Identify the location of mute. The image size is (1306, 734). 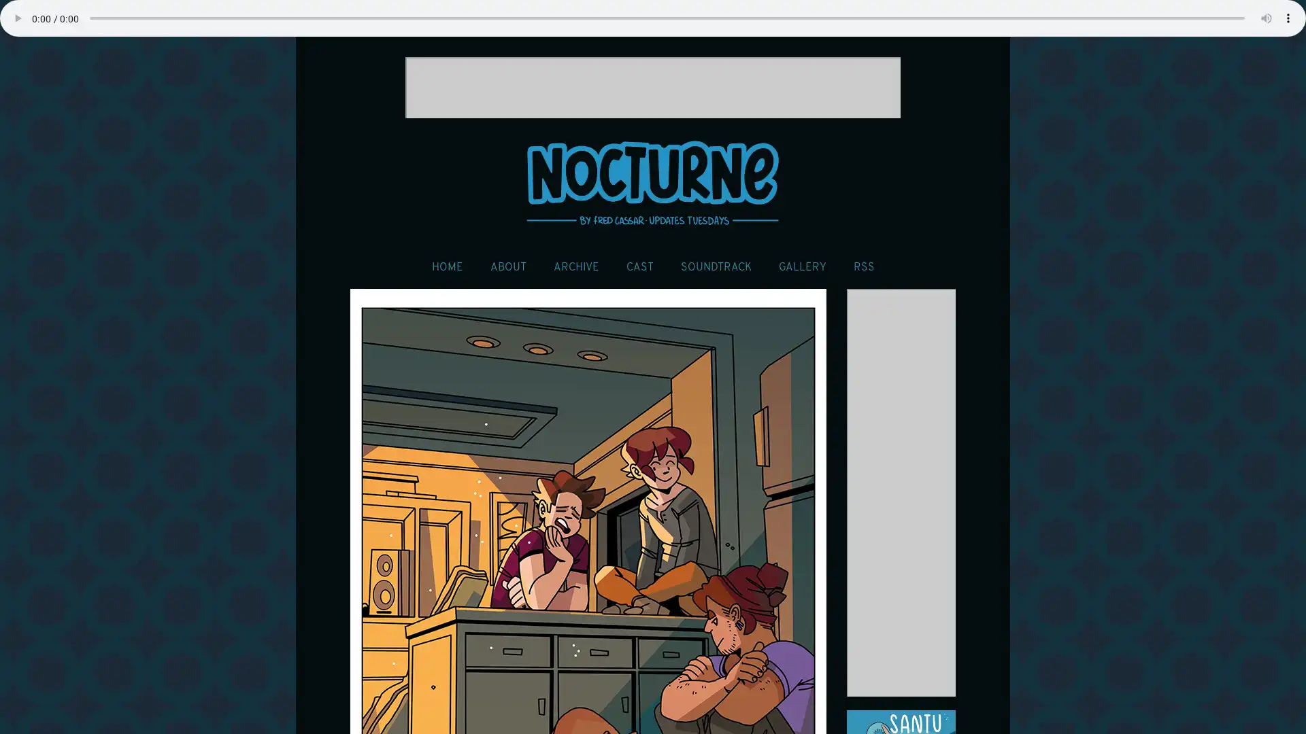
(1266, 18).